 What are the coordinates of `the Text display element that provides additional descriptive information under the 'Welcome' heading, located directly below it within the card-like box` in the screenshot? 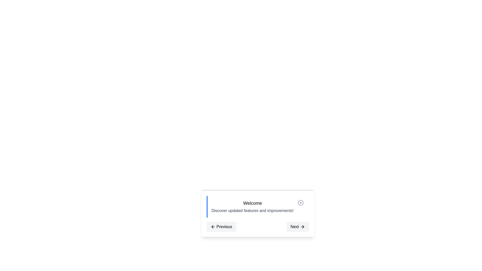 It's located at (253, 211).